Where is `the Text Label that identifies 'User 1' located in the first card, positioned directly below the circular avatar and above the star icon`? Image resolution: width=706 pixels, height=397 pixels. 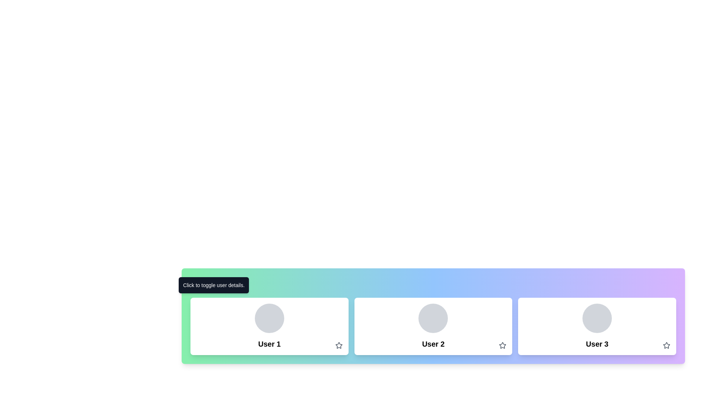
the Text Label that identifies 'User 1' located in the first card, positioned directly below the circular avatar and above the star icon is located at coordinates (269, 344).